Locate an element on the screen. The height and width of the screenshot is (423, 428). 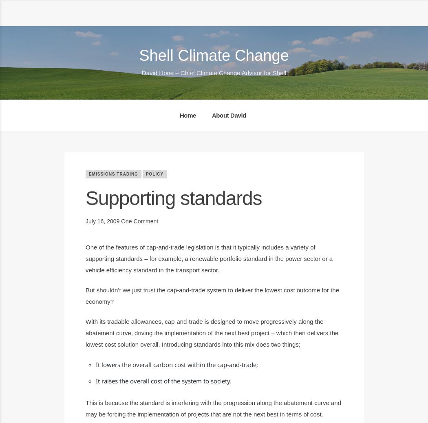
'One Comment' is located at coordinates (121, 221).